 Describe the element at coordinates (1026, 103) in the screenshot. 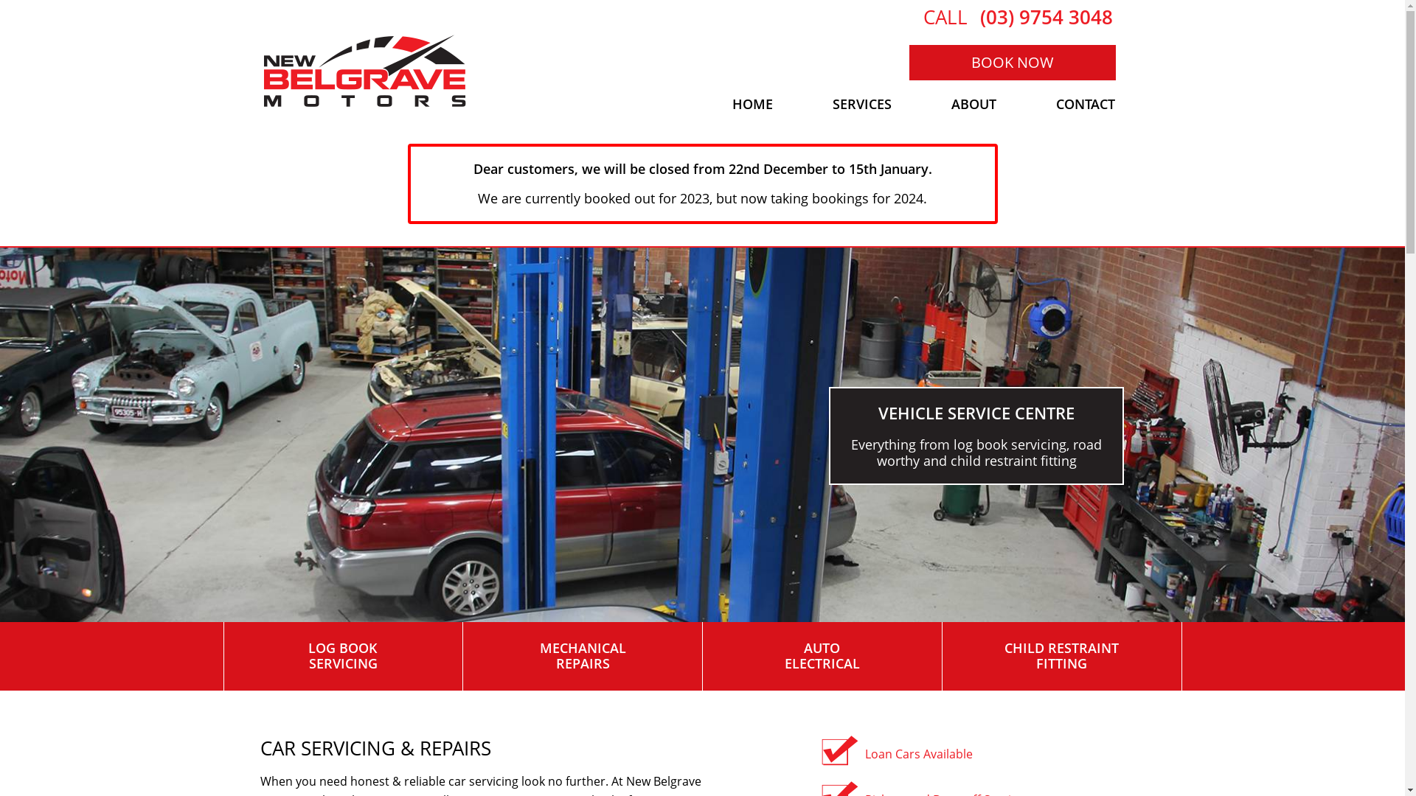

I see `'CONTACT'` at that location.